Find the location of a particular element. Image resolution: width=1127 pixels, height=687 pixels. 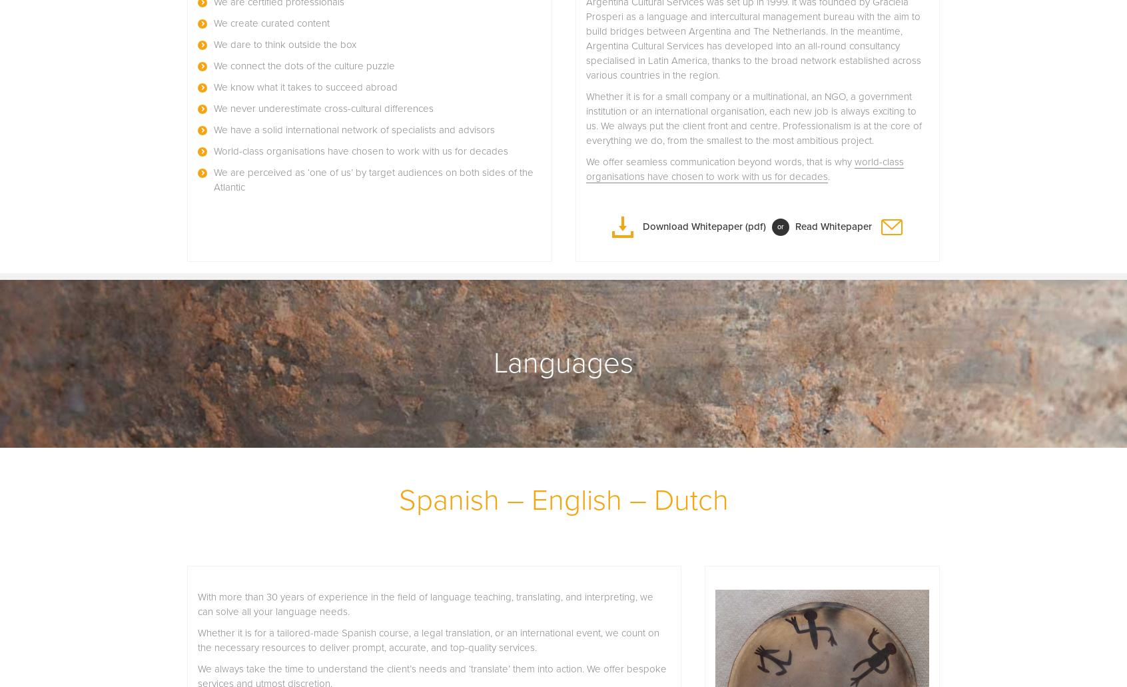

'With more than 30 years of experience in the field of language teaching, translating, and interpreting, we can solve all your language needs.' is located at coordinates (426, 604).